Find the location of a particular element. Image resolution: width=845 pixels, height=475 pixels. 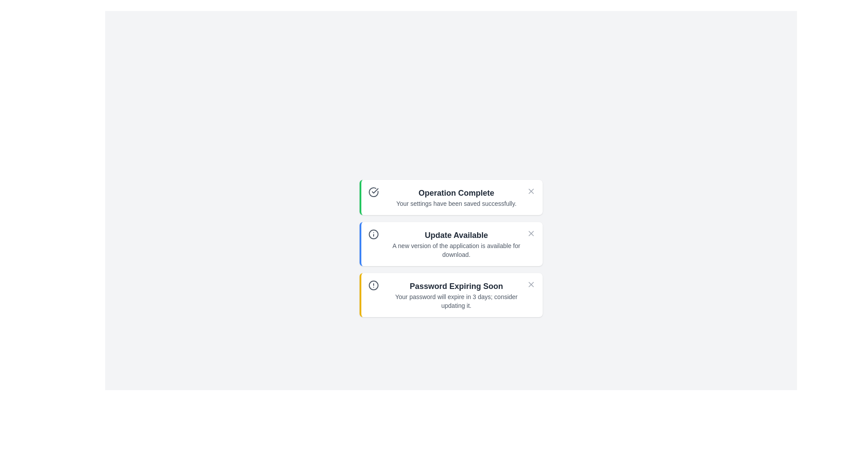

the text message 'A new version of the application is available for download.' which is displayed in a smaller gray font within the notification card labeled 'Update Available' is located at coordinates (456, 250).